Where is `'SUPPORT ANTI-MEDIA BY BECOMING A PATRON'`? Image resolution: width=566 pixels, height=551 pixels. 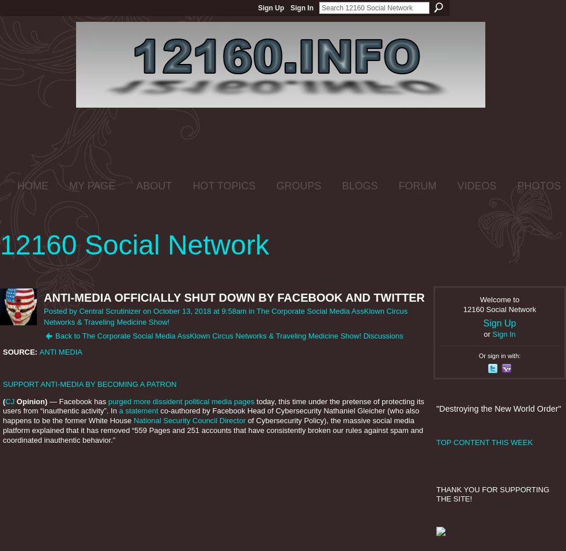 'SUPPORT ANTI-MEDIA BY BECOMING A PATRON' is located at coordinates (89, 383).